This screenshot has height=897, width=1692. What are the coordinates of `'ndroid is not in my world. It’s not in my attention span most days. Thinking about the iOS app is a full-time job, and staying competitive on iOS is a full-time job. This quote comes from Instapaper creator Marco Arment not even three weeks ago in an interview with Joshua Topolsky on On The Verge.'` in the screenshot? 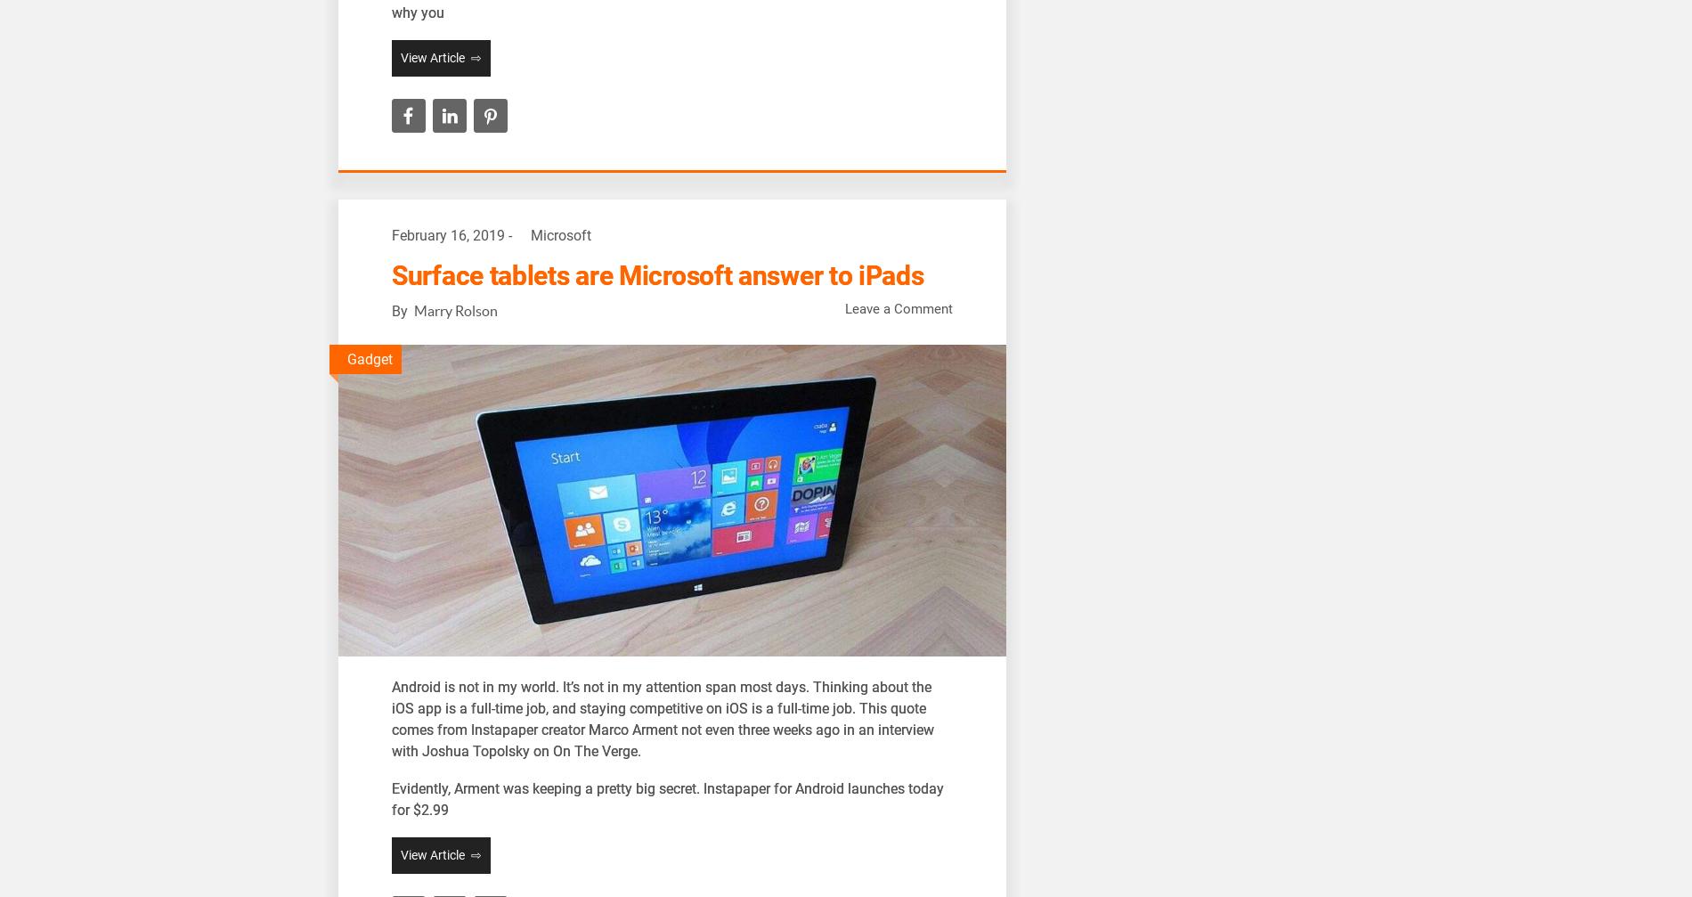 It's located at (662, 718).